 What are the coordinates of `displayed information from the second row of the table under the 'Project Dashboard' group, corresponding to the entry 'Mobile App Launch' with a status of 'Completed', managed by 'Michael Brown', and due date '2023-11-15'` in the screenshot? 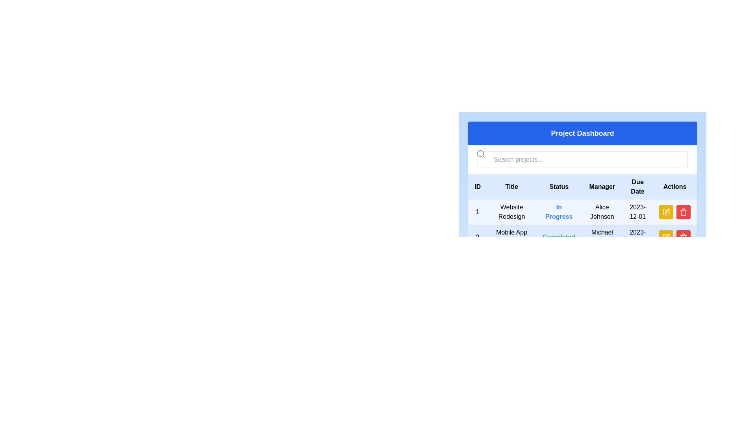 It's located at (582, 237).